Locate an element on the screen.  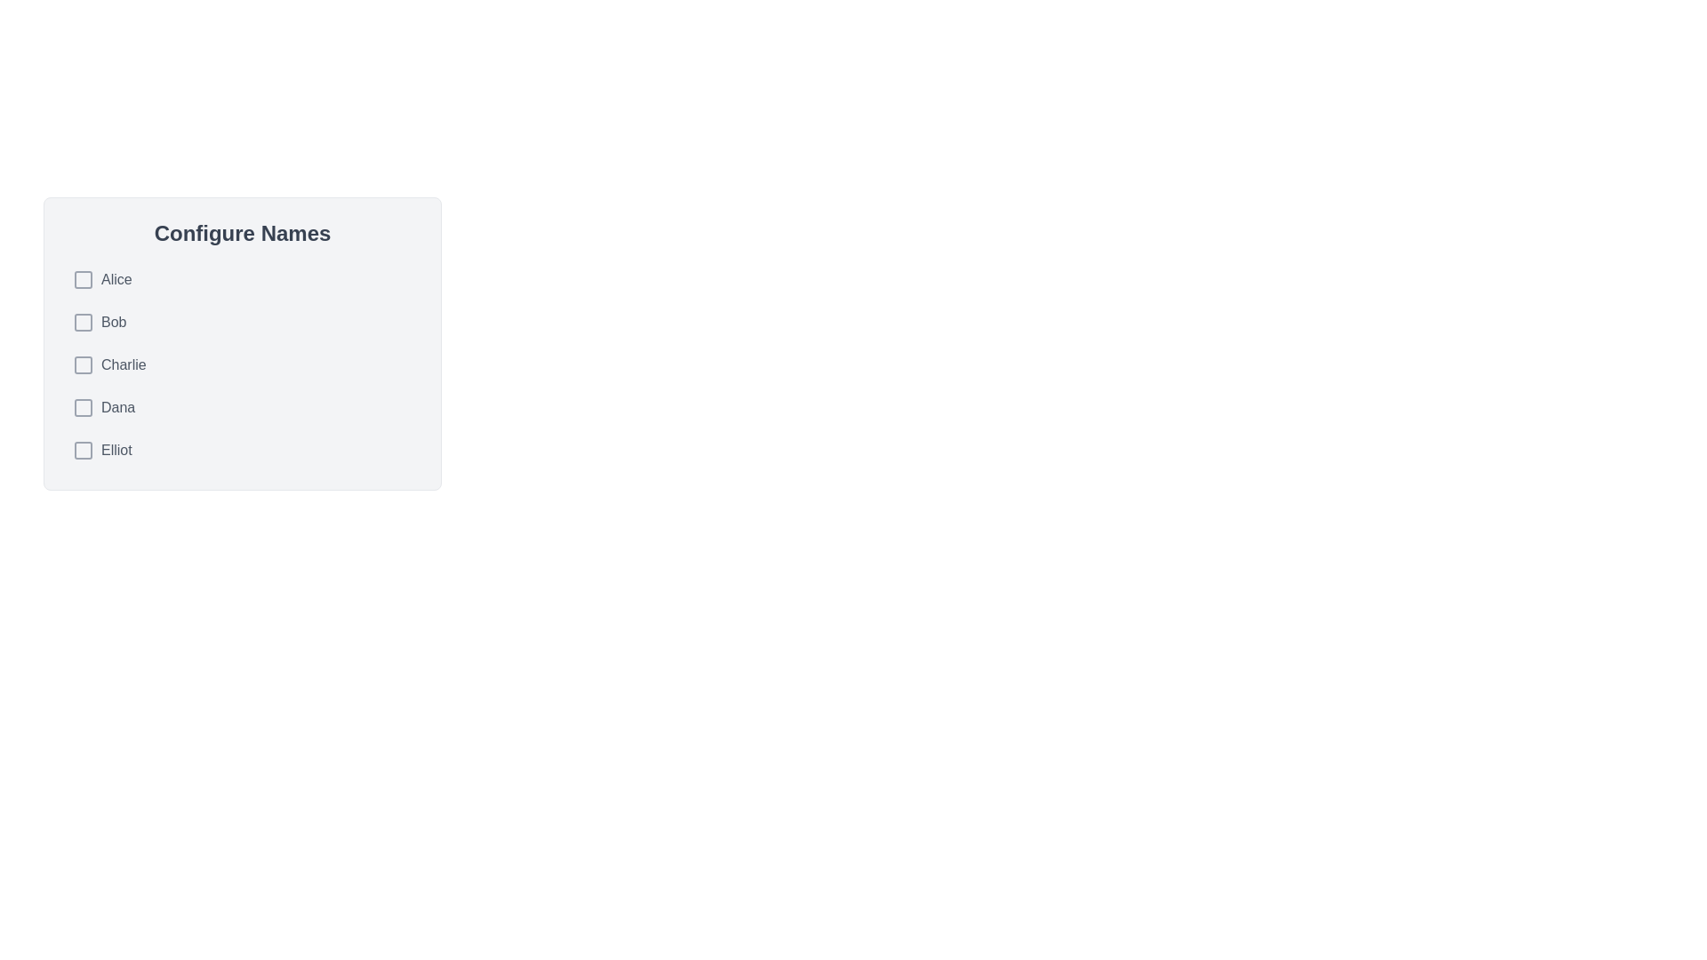
the checkbox labeled 'Dana' is located at coordinates (83, 408).